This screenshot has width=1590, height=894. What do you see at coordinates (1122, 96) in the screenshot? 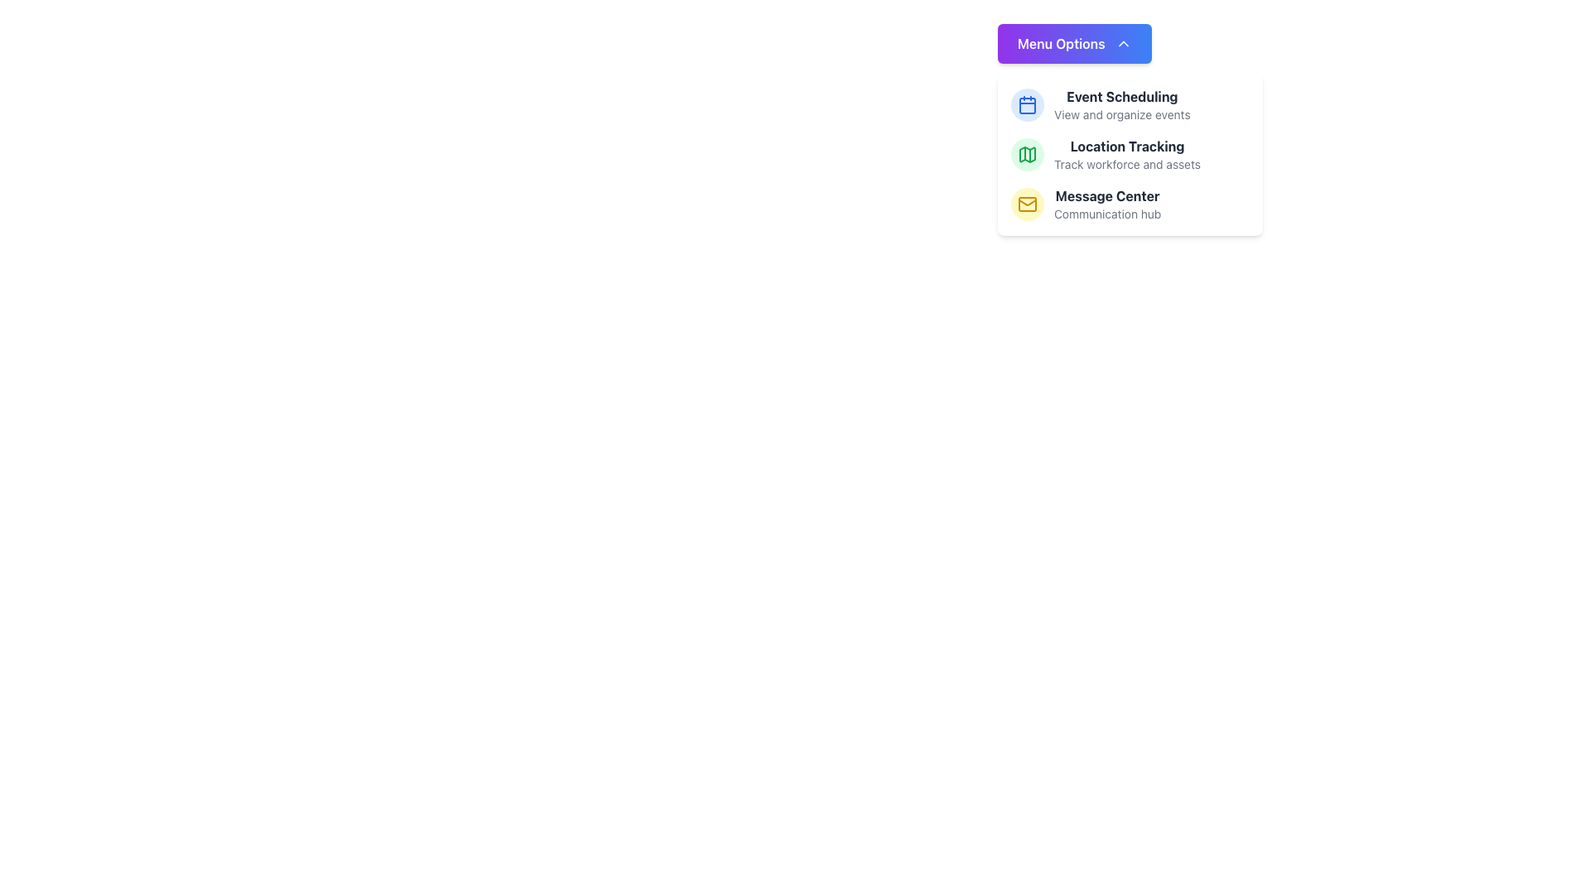
I see `the 'Event Scheduling' label, which serves as a section title above the 'View and organize events' label in the top-right region of the dropdown menu` at bounding box center [1122, 96].